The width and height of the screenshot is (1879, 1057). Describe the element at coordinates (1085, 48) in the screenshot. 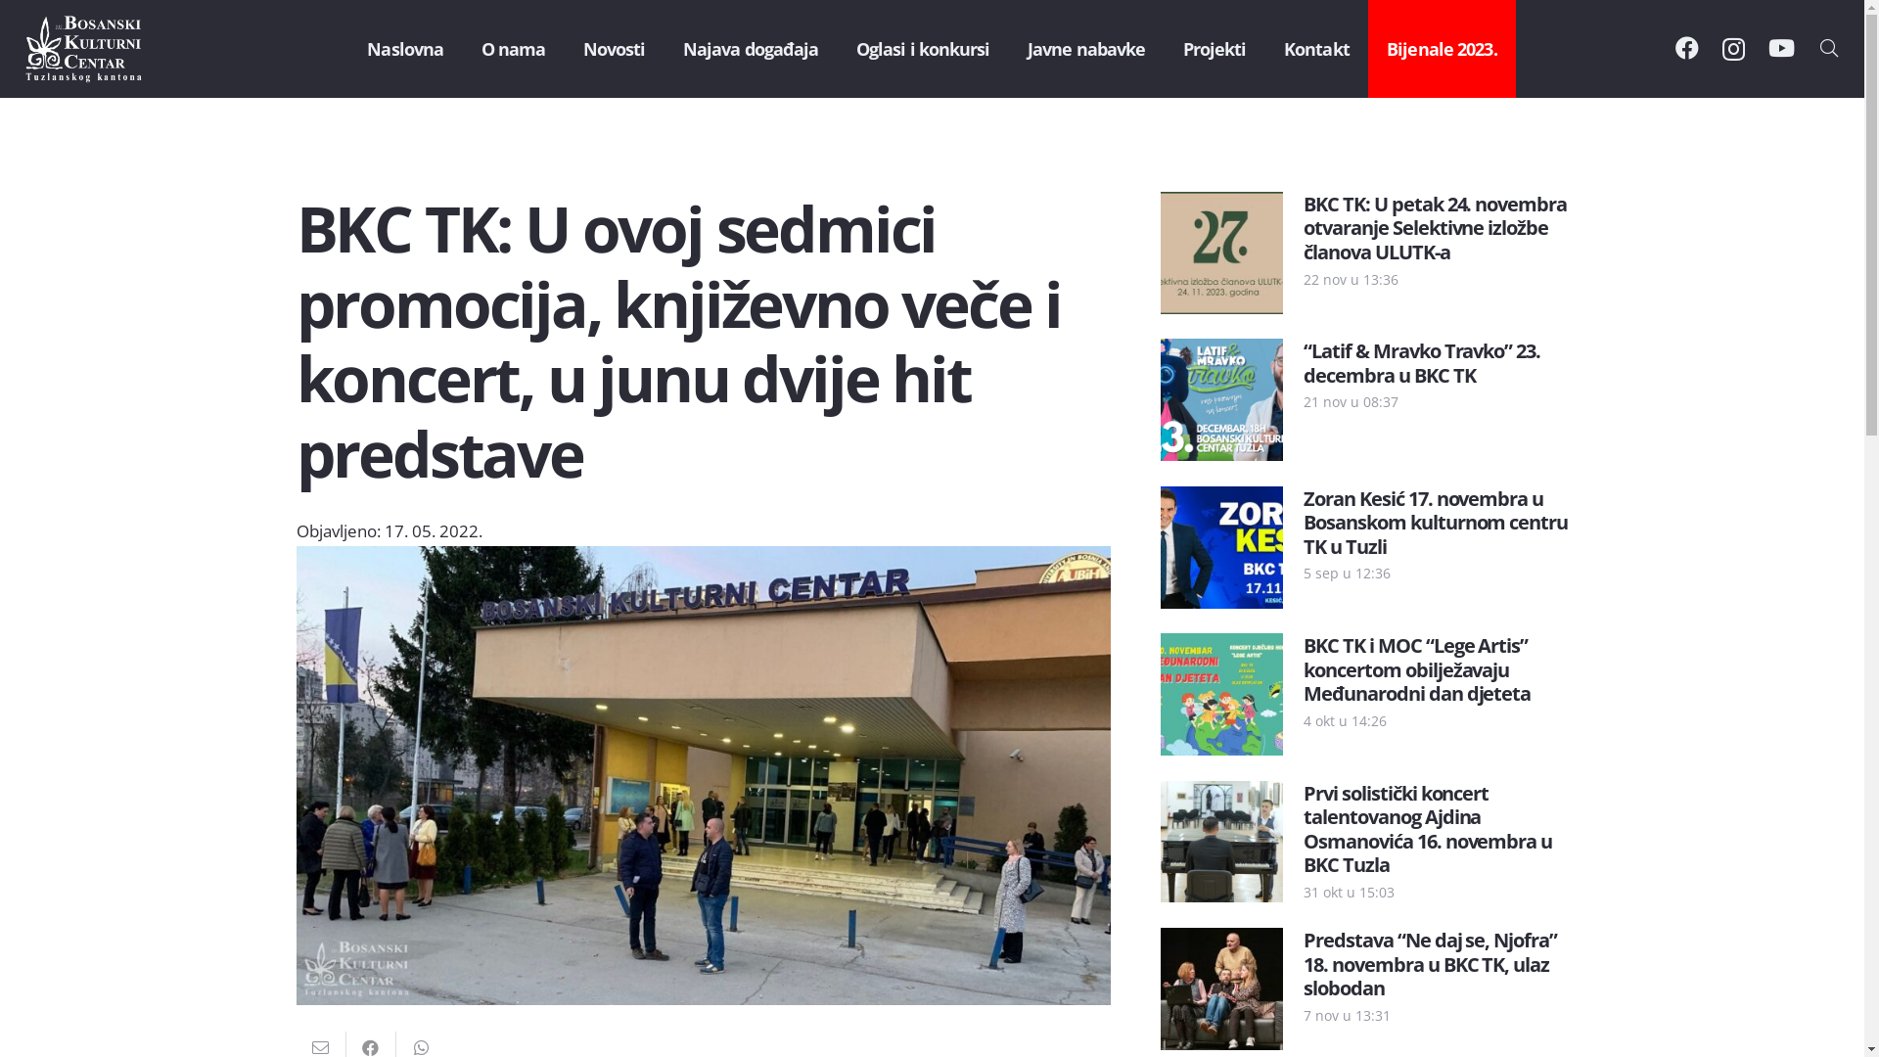

I see `'Javne nabavke'` at that location.